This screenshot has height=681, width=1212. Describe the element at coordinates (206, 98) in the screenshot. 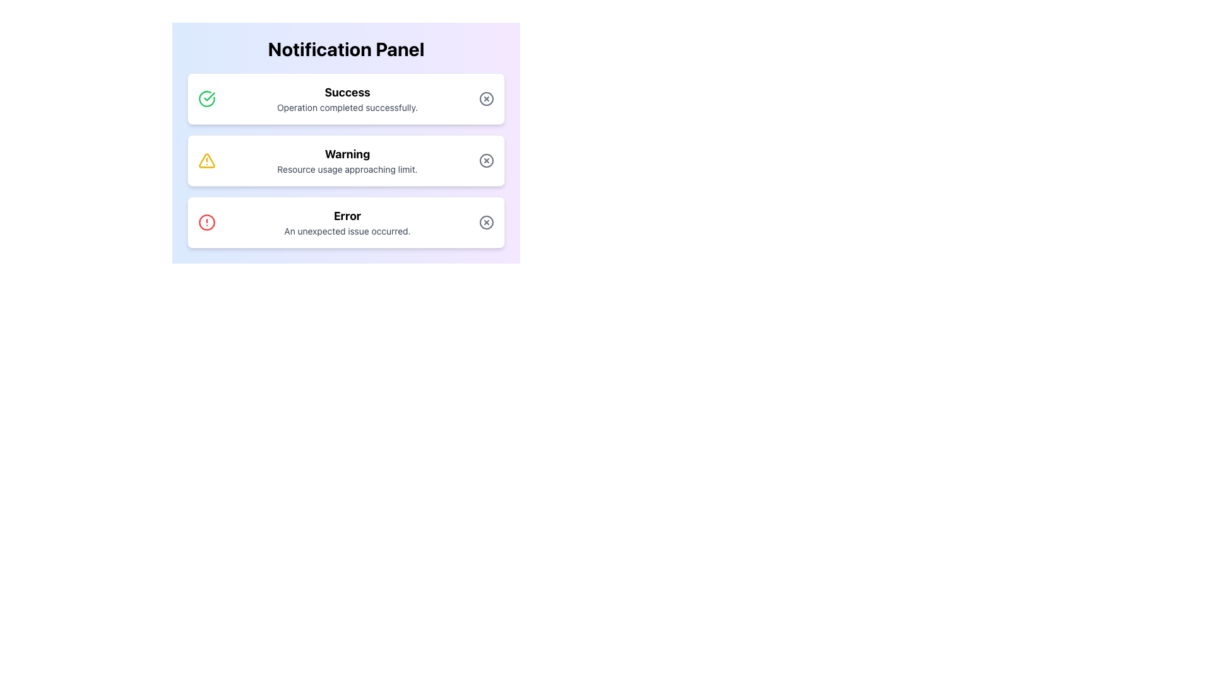

I see `the success status icon located in the top notification box labeled 'Success', which is positioned to the left of the text content` at that location.